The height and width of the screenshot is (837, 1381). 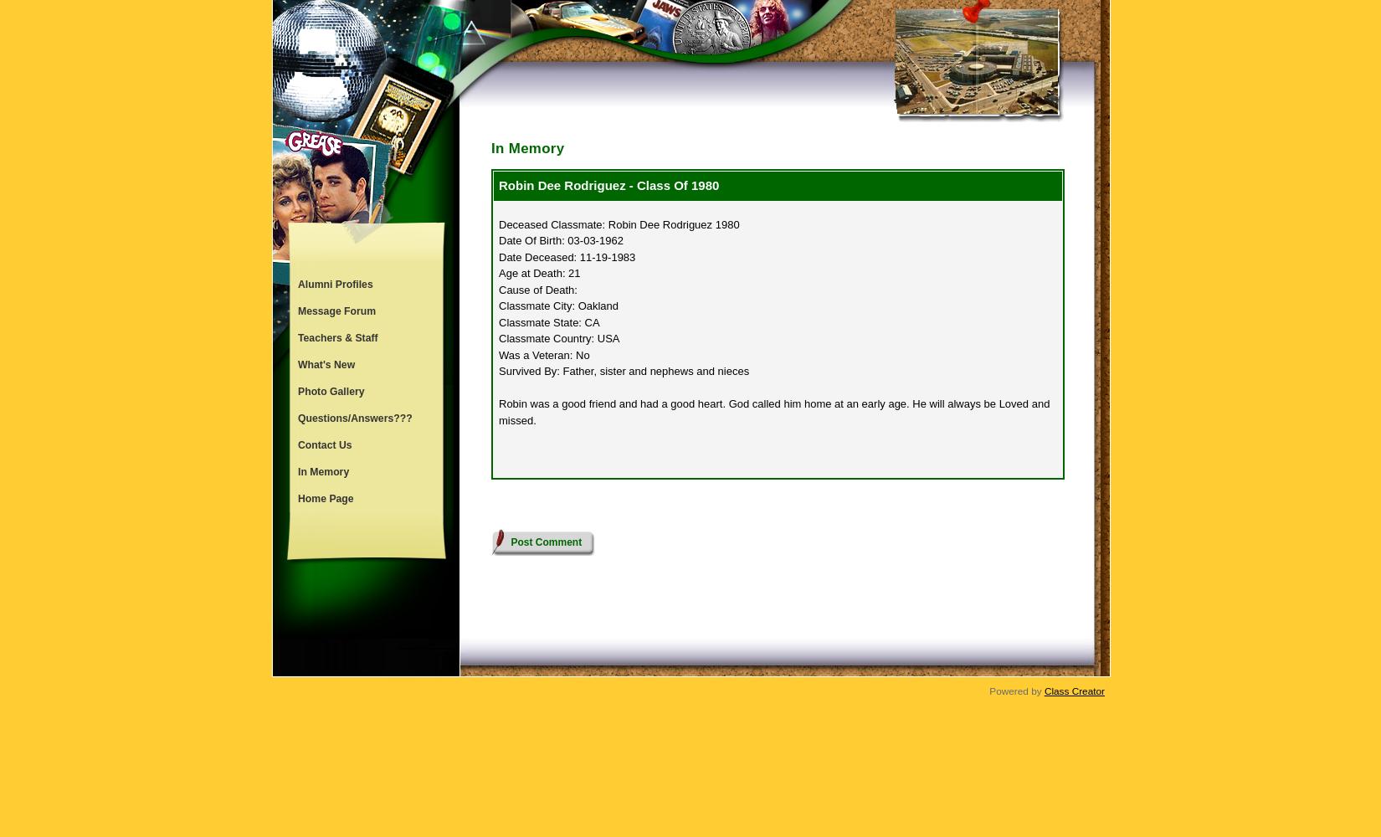 What do you see at coordinates (989, 690) in the screenshot?
I see `'Powered by'` at bounding box center [989, 690].